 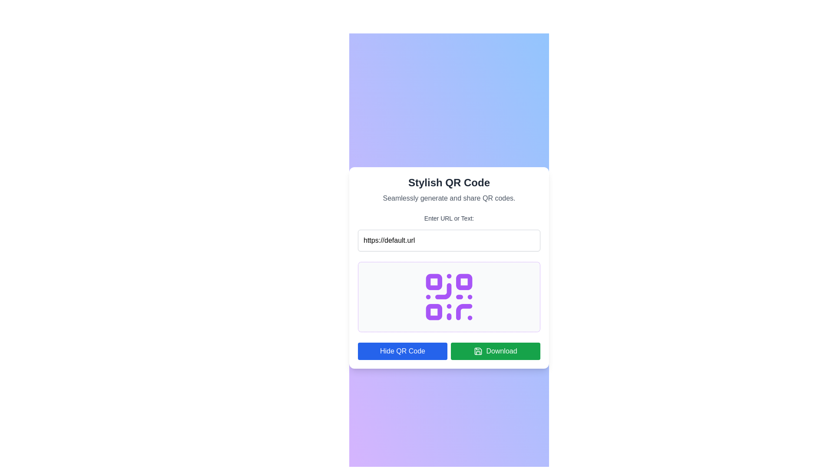 What do you see at coordinates (449, 189) in the screenshot?
I see `the title and subtitle text block that describes QR code generation and sharing, which is centrally aligned at the top of the section and positioned above the 'Enter URL or Text' text field` at bounding box center [449, 189].